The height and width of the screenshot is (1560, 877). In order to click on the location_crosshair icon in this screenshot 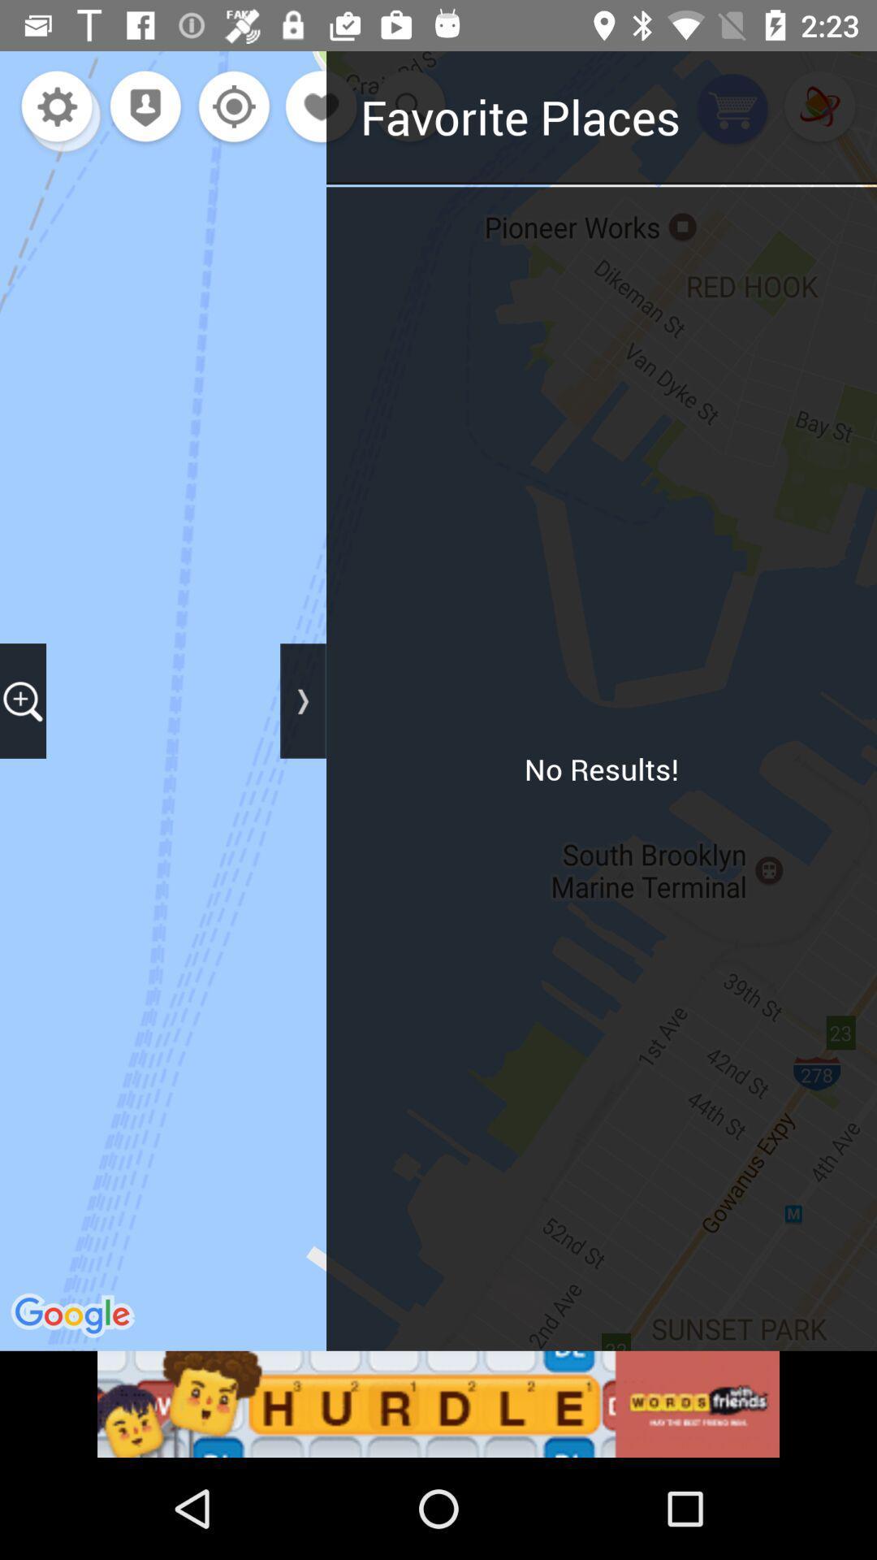, I will do `click(230, 107)`.